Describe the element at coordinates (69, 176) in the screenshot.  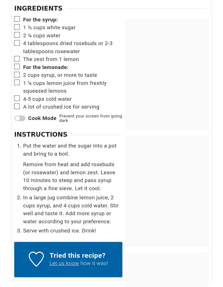
I see `'Remove from heat and add rosebuds (or rosewater) and lemon zest. Leave 10 minutes to steep and pass syrup through a fine sieve. Let it cool.'` at that location.